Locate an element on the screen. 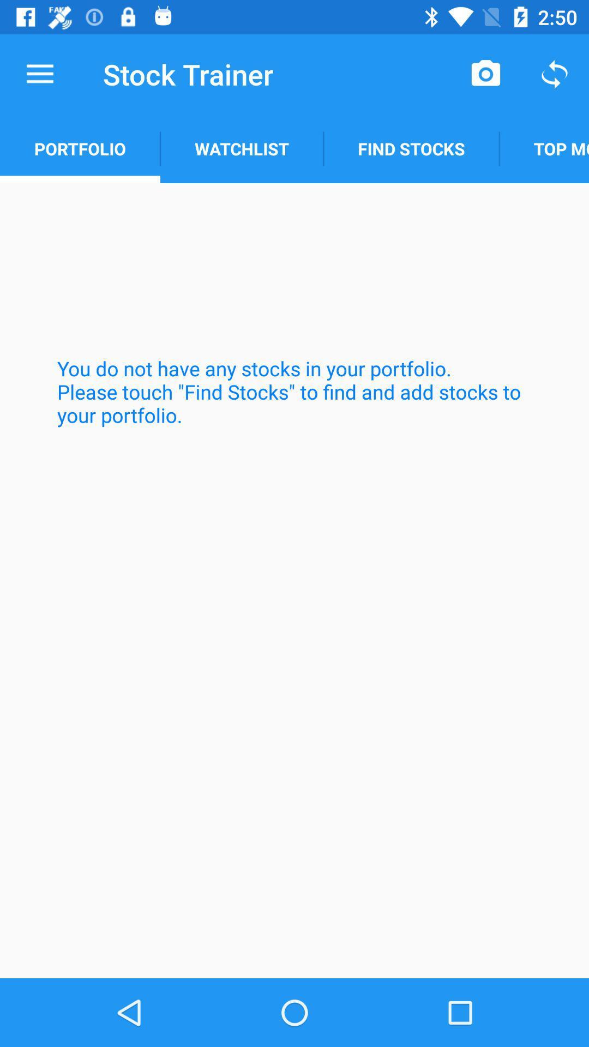  the item below stock trainer icon is located at coordinates (241, 148).